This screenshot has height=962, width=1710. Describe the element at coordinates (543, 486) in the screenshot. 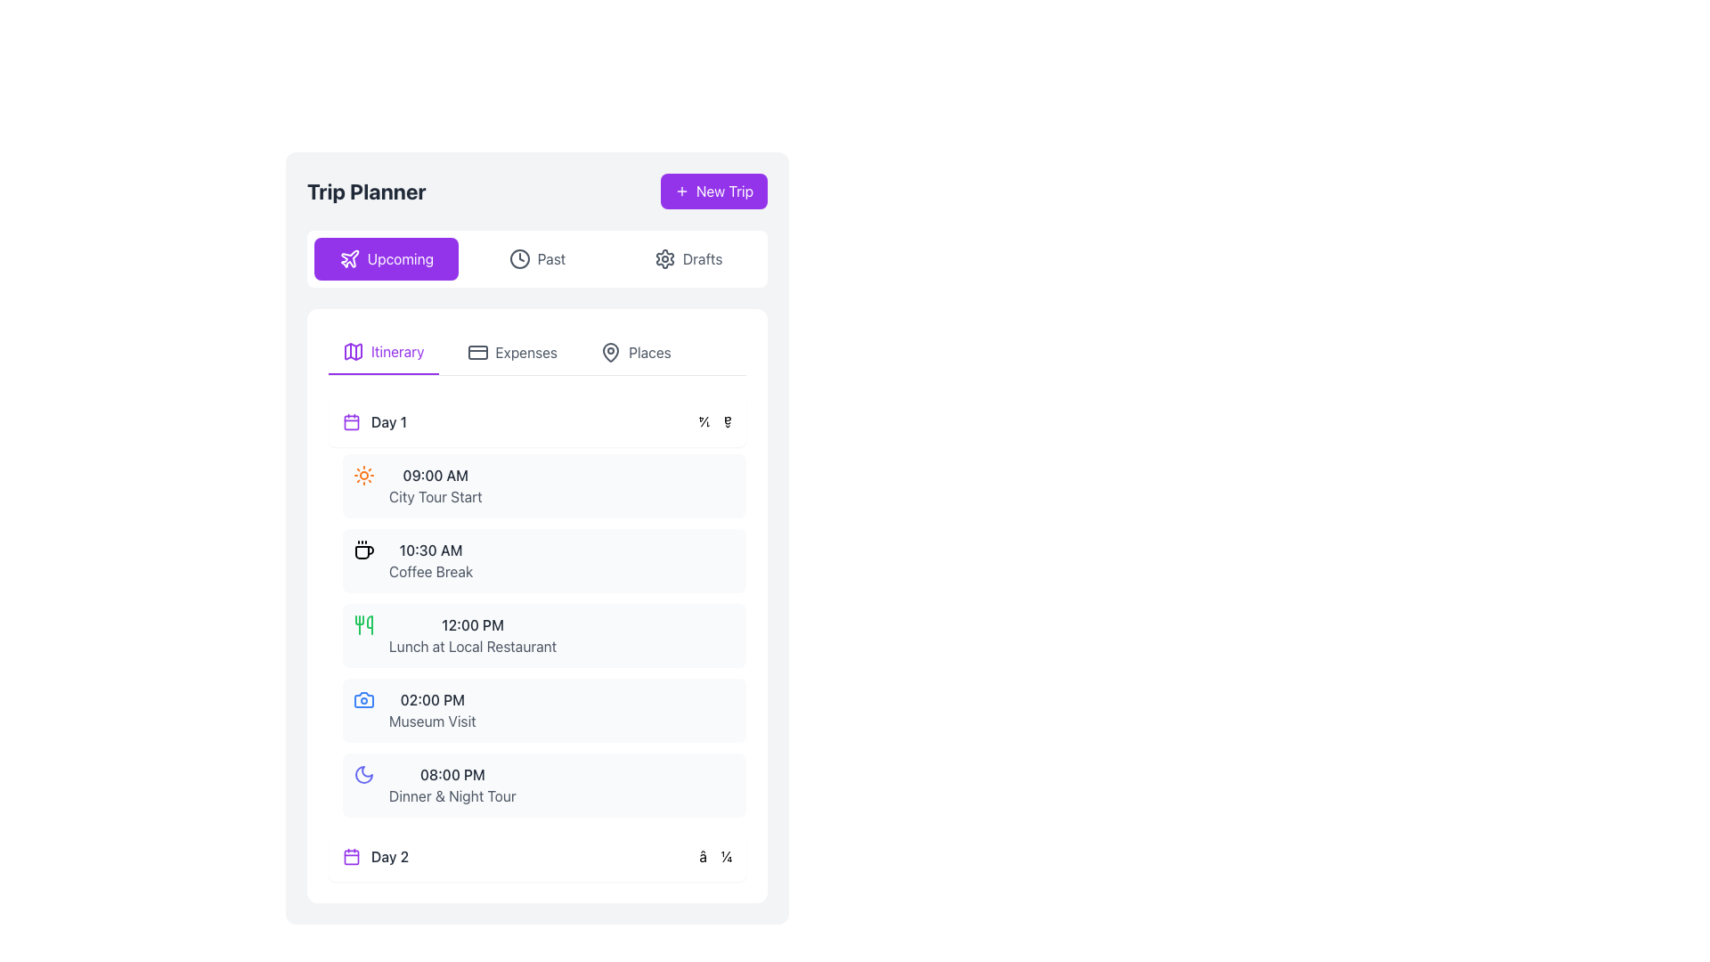

I see `the first card in the 'Day 1' section of the itinerary that indicates a city tour event starting at 09:00 AM, located below the violet-highlighted 'Upcoming' tab in the 'Trip Planner' interface` at that location.